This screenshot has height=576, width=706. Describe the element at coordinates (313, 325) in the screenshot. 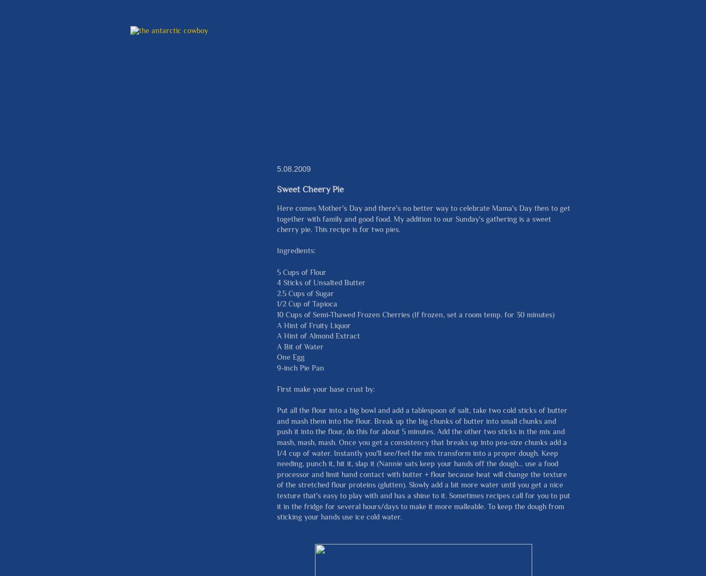

I see `'A Hint of Fruity Liquor'` at that location.